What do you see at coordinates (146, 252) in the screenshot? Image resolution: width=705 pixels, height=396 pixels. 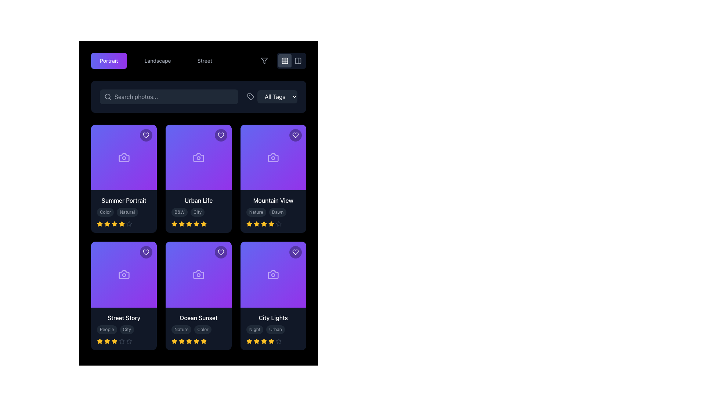 I see `the favorite button located in the top-right corner of the 'Street Story' card to trigger a visual effect` at bounding box center [146, 252].